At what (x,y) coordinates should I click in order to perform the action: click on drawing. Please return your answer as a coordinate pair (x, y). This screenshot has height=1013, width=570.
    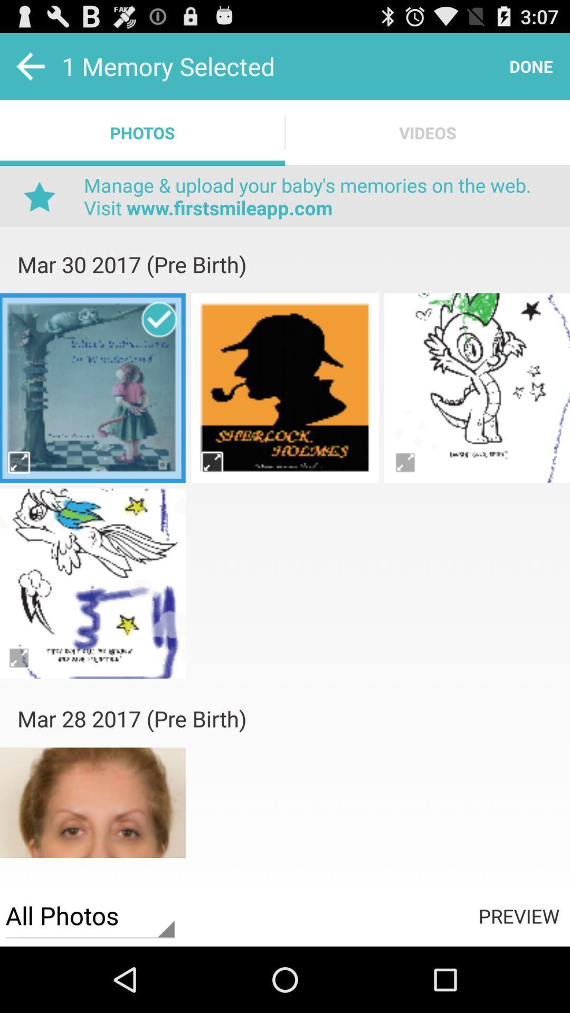
    Looking at the image, I should click on (92, 583).